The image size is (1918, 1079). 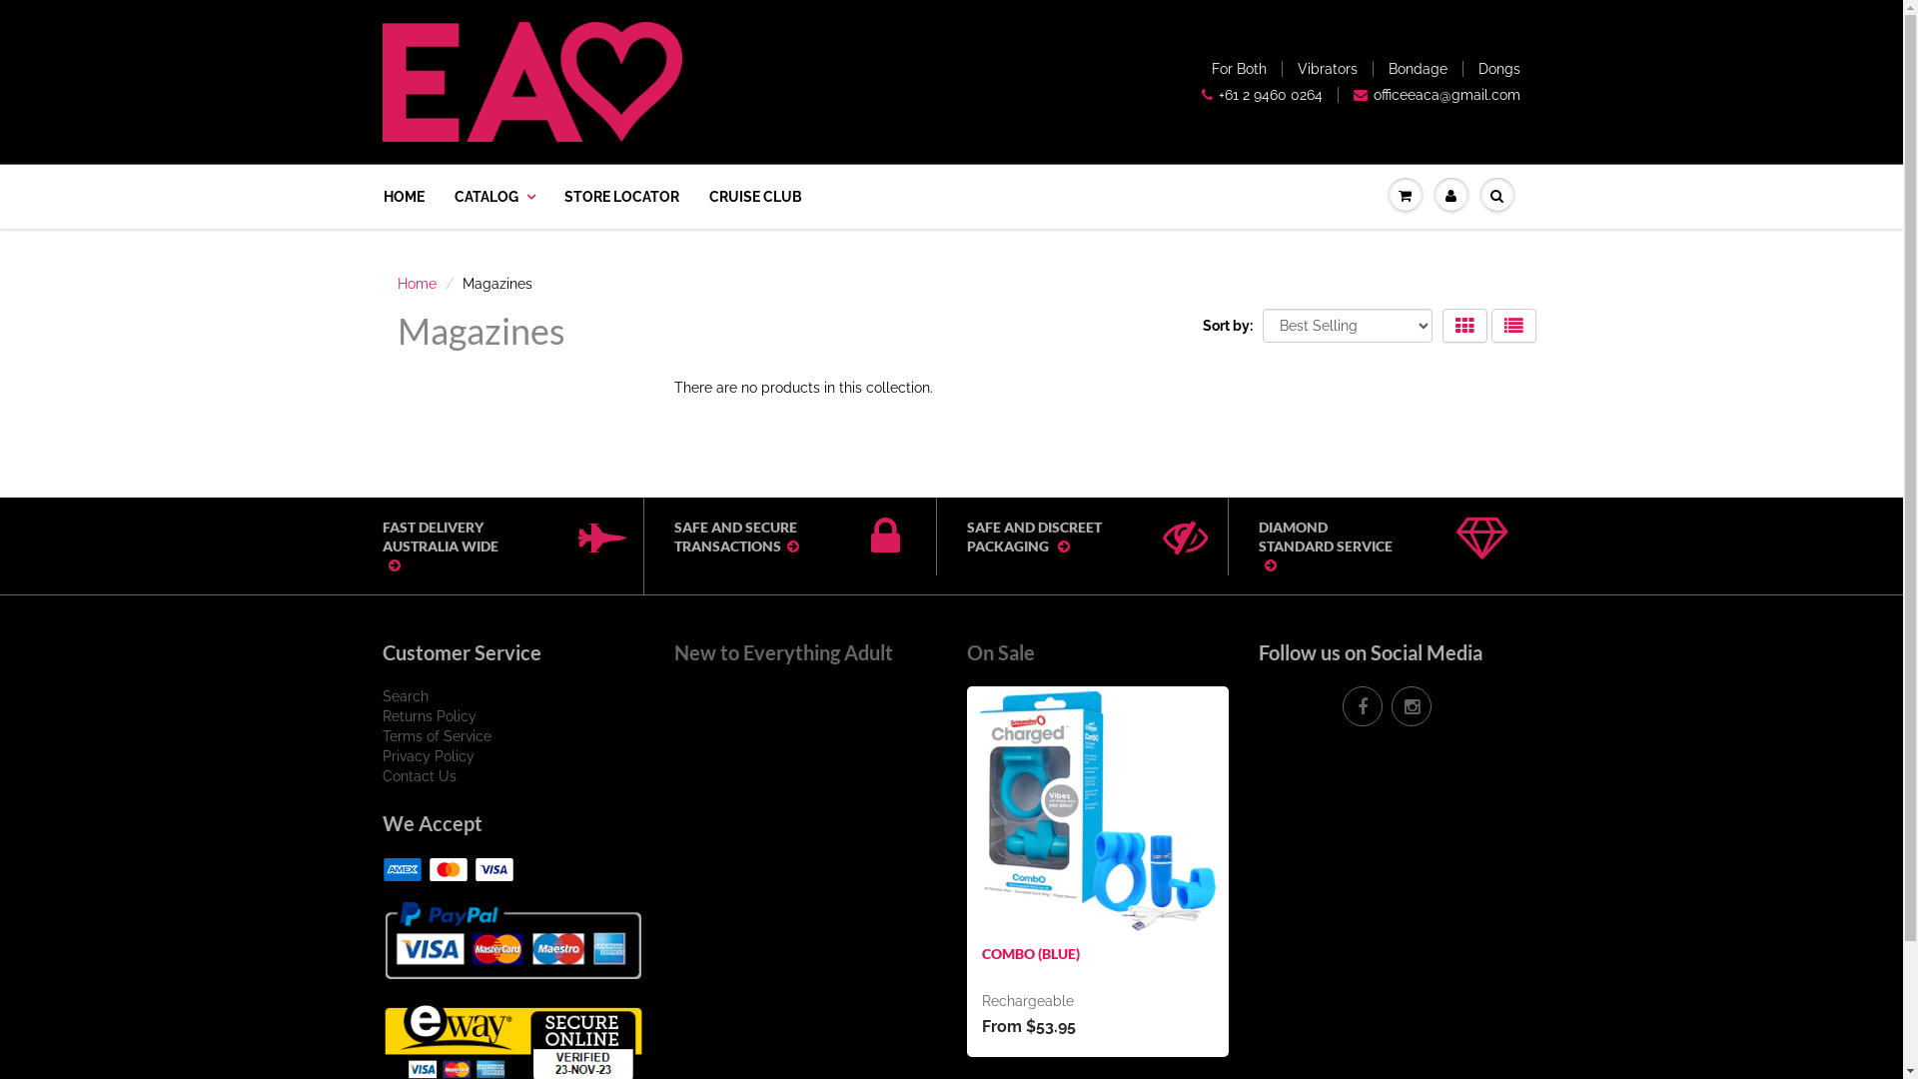 I want to click on 'COMBO (BLUE)', so click(x=1030, y=952).